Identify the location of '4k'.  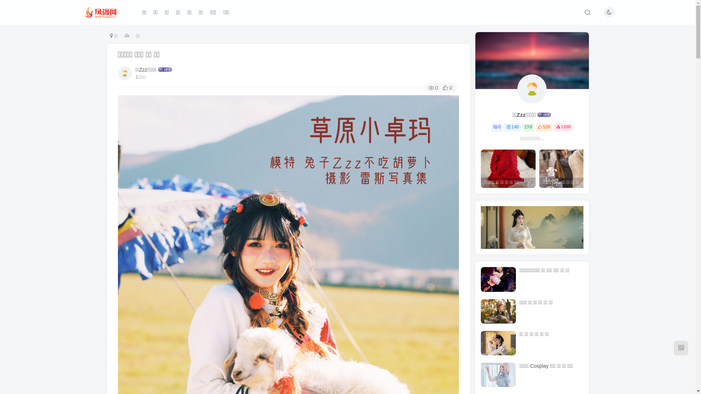
(127, 35).